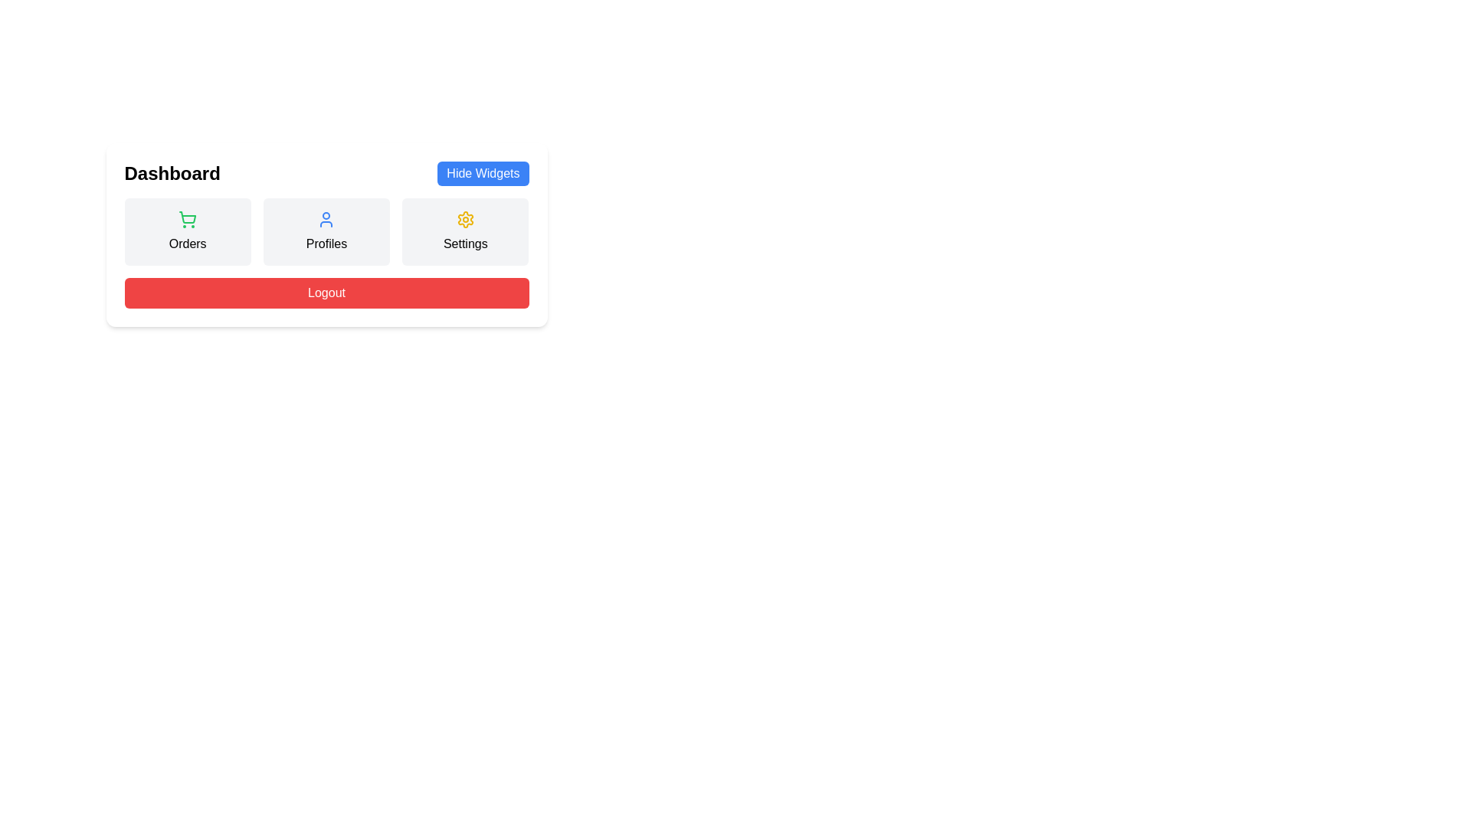 Image resolution: width=1471 pixels, height=827 pixels. I want to click on the blue-colored user profile icon, which is a minimalist circular head and shoulders outline located at the center of the 'Profiles' card, positioned above the text 'Profiles.', so click(326, 219).